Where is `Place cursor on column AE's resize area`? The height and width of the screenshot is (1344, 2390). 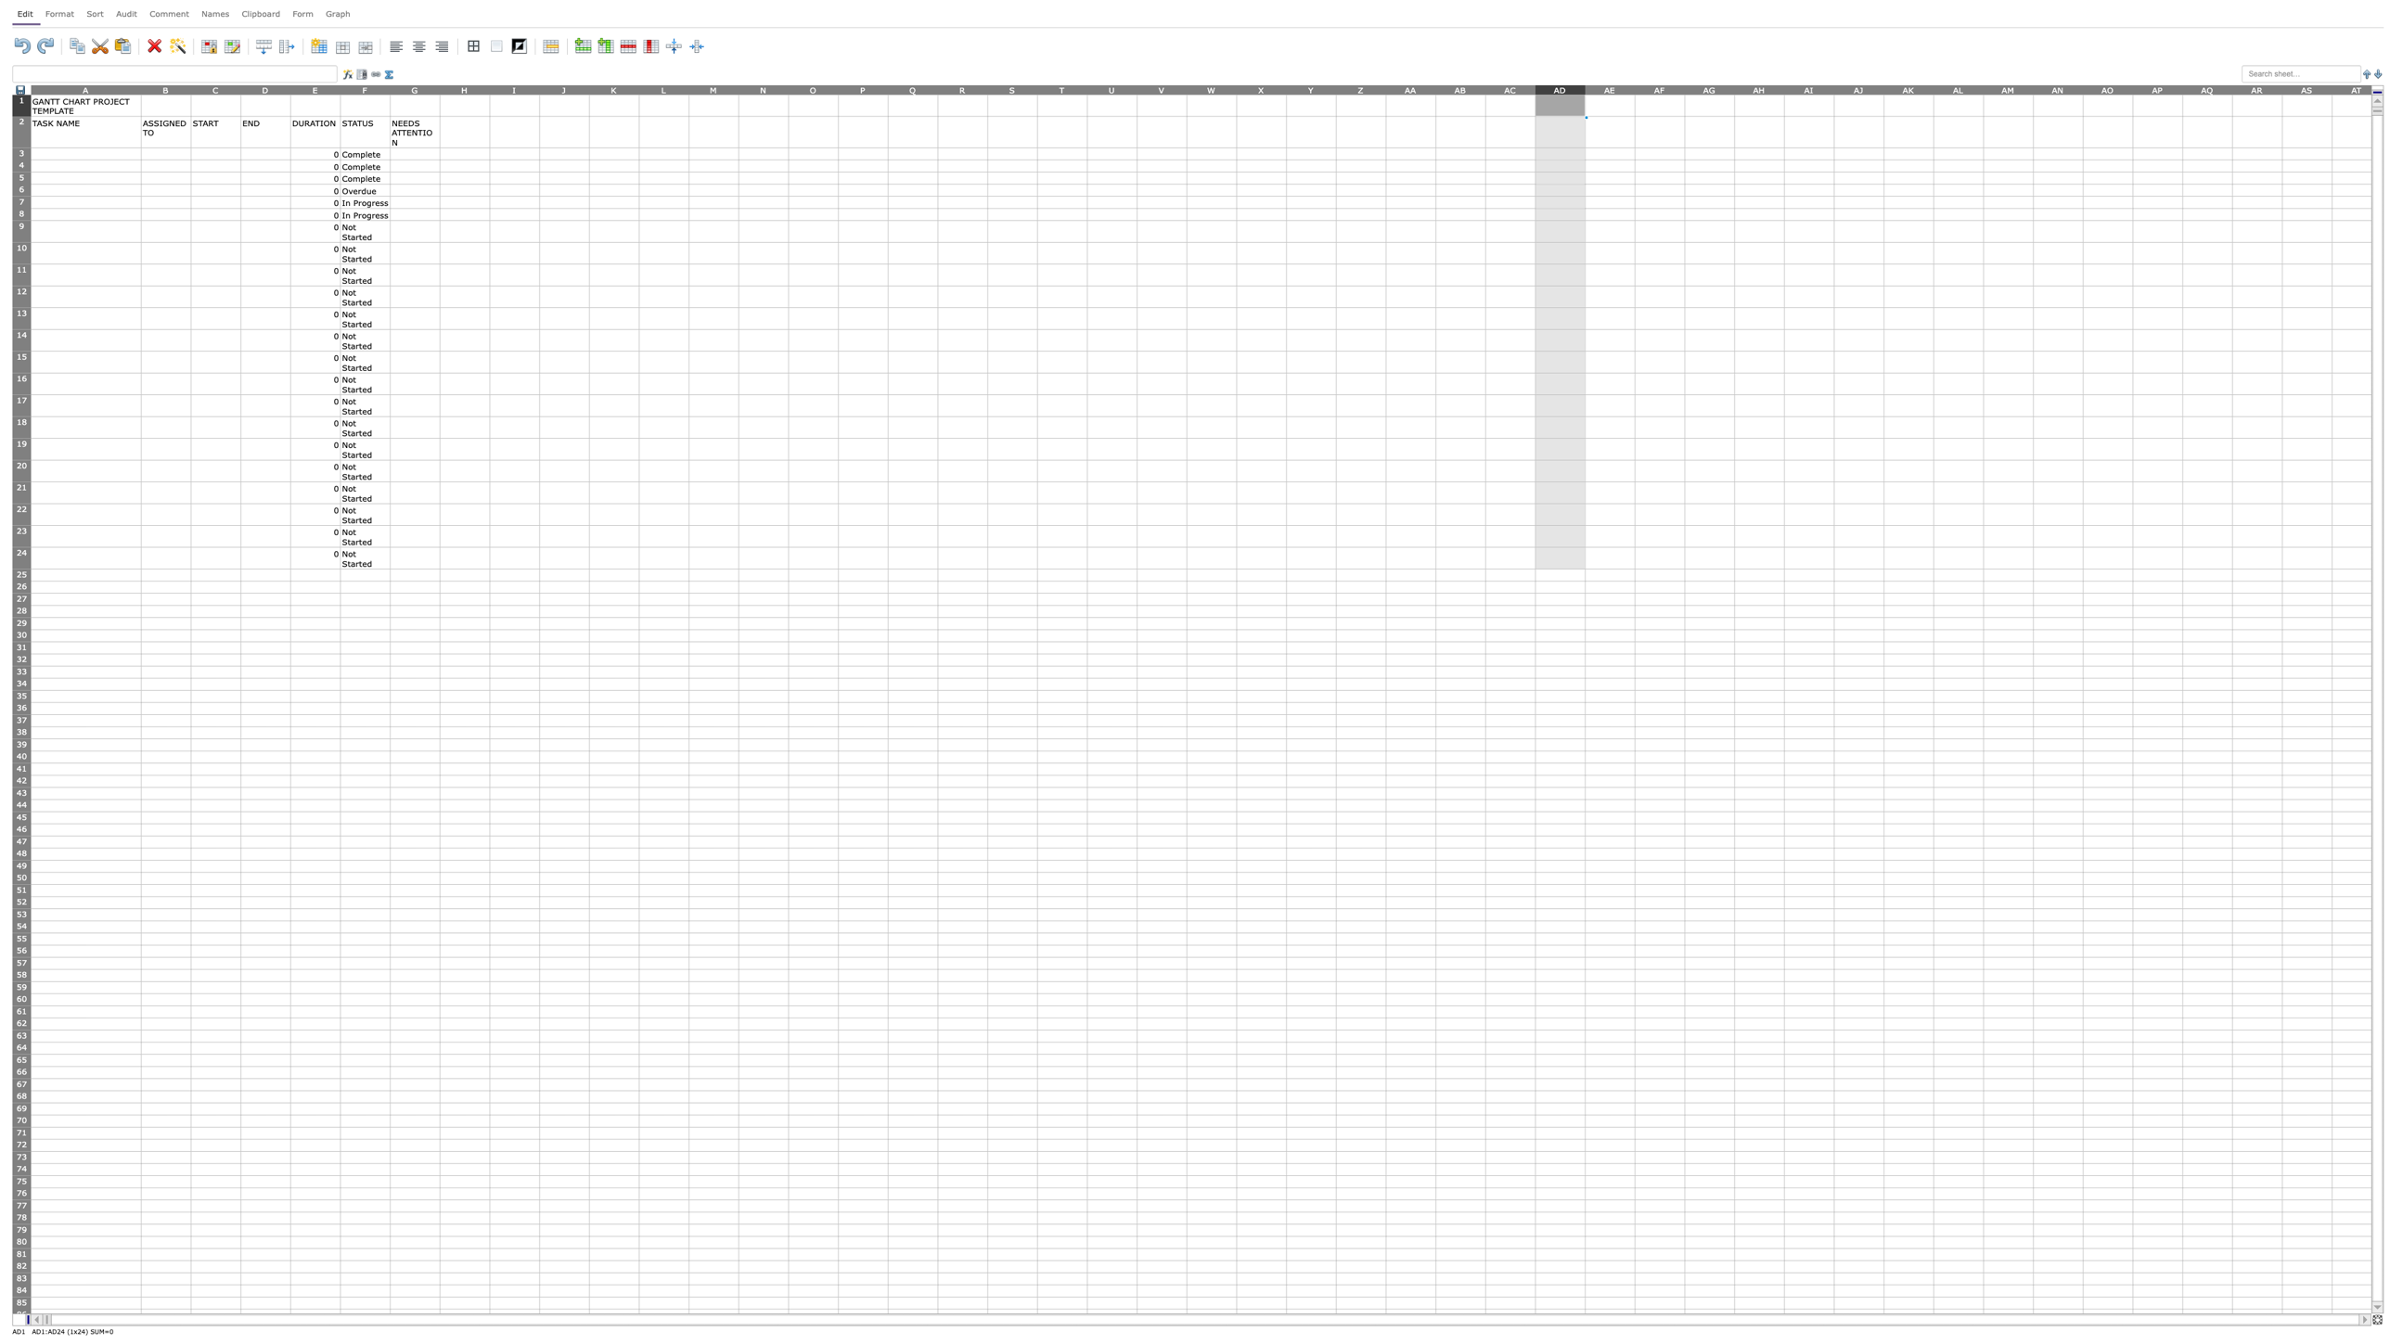
Place cursor on column AE's resize area is located at coordinates (1635, 88).